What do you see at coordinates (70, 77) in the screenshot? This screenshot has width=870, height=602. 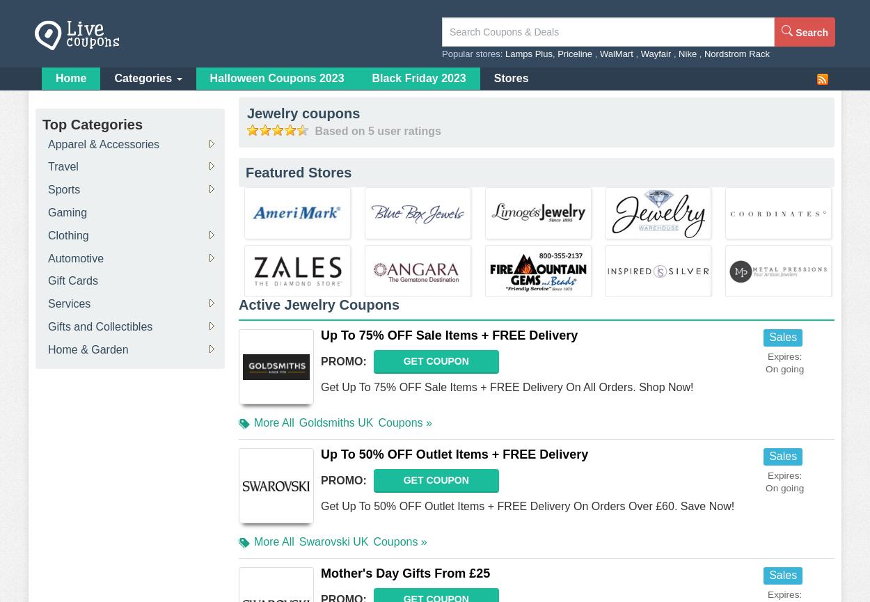 I see `'Home'` at bounding box center [70, 77].